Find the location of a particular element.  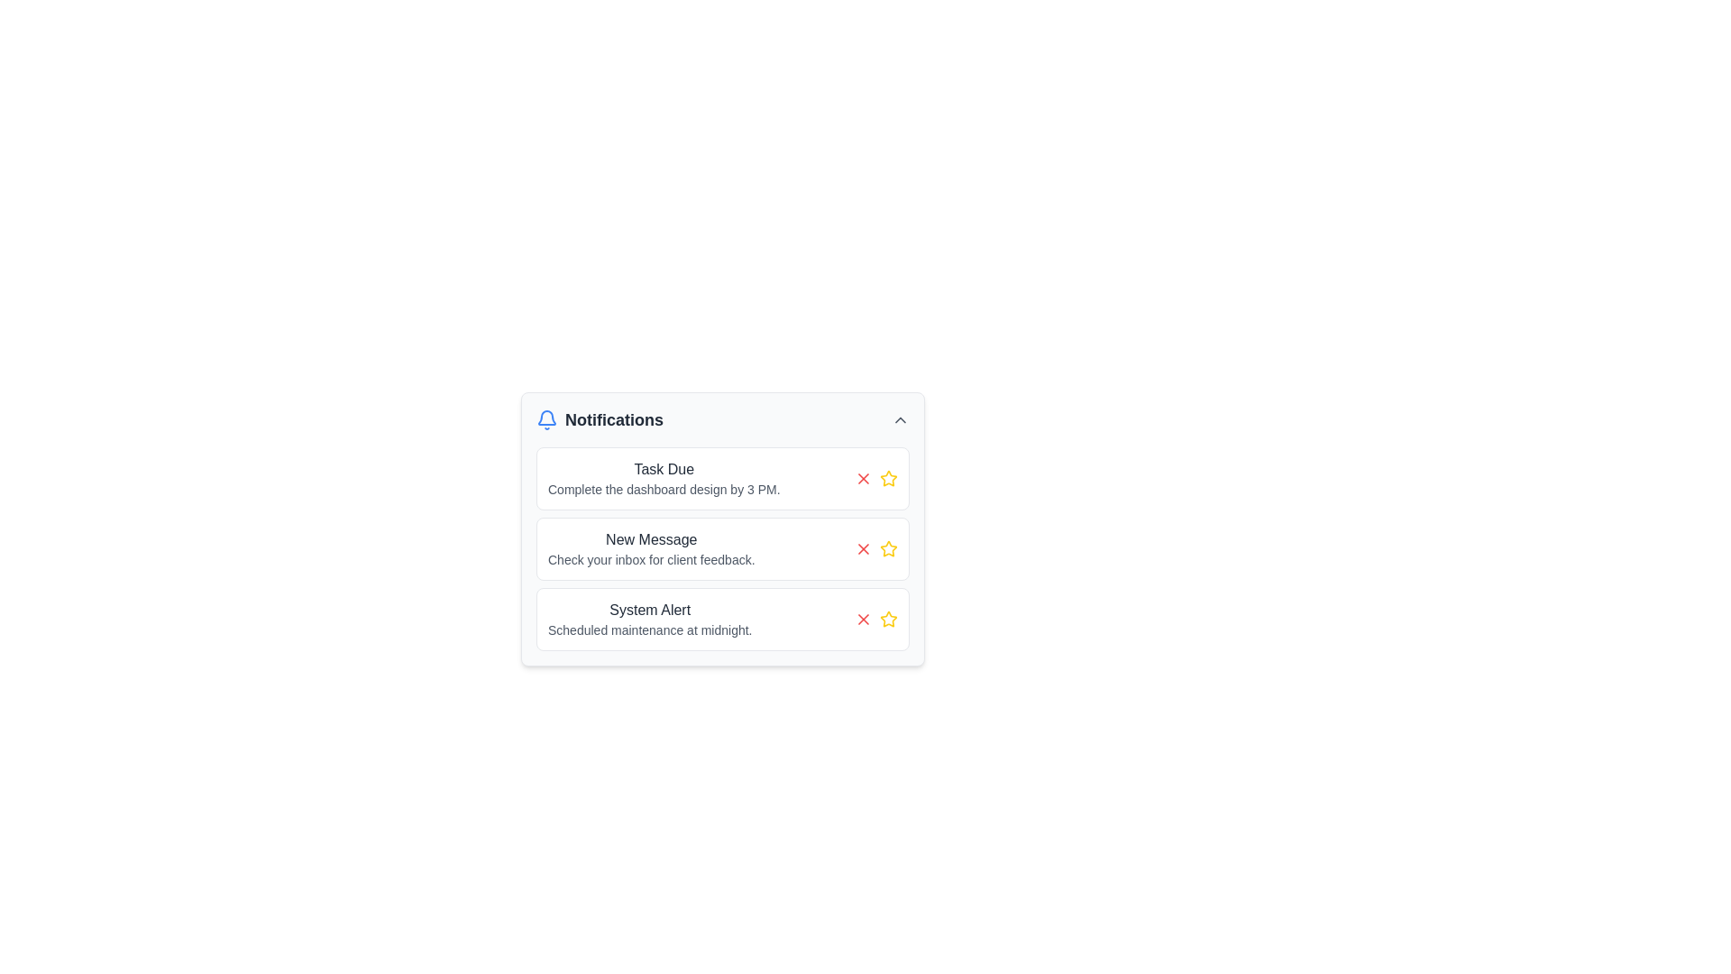

the yellow star-shaped icon located at the far-right of the 'System Alert' notification row is located at coordinates (888, 618).